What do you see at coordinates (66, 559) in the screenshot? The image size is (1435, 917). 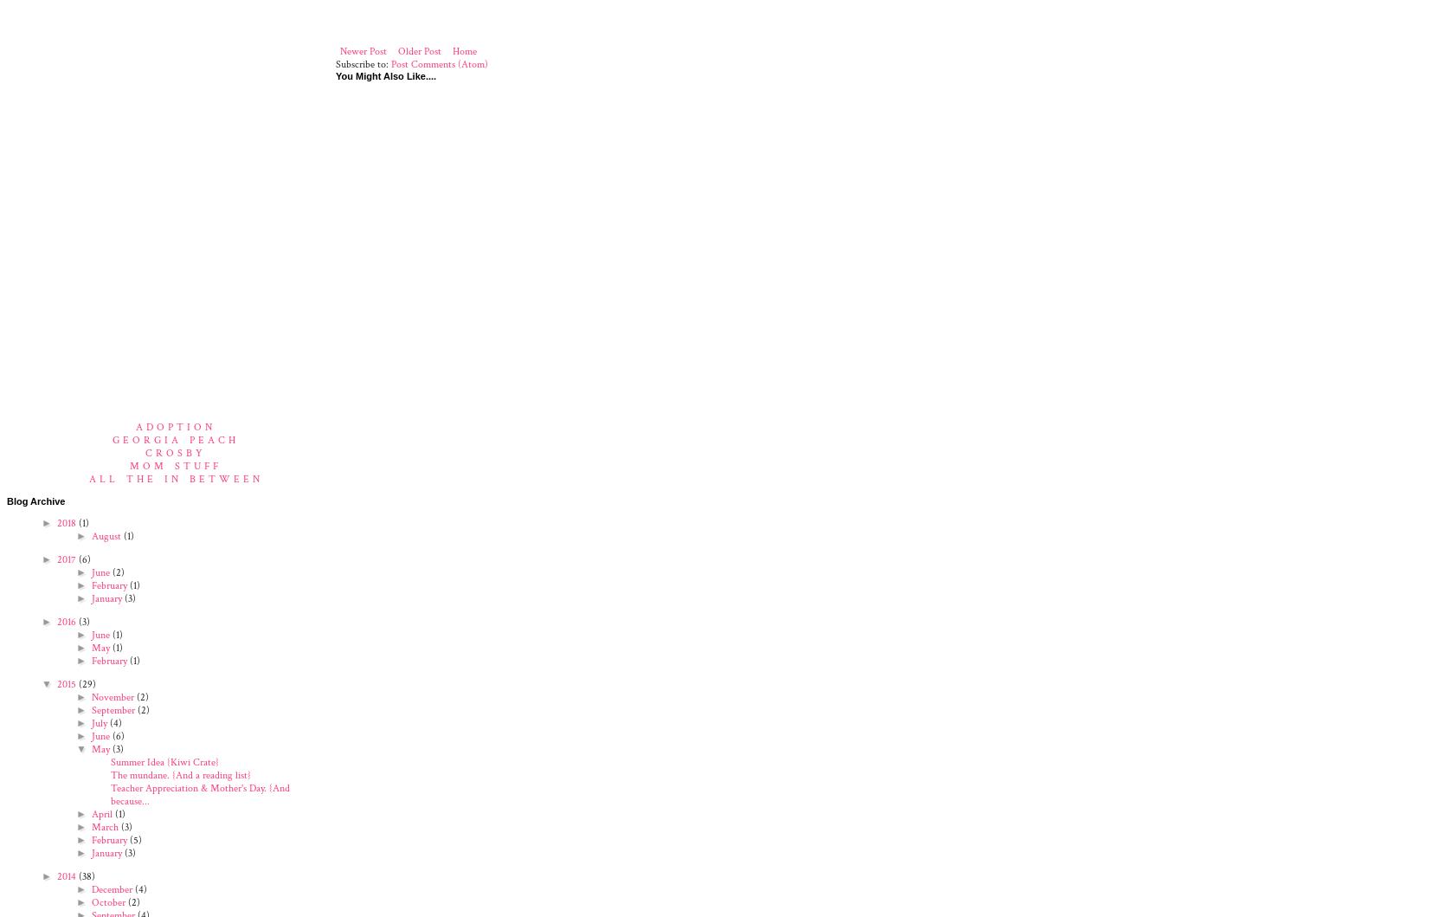 I see `'2017'` at bounding box center [66, 559].